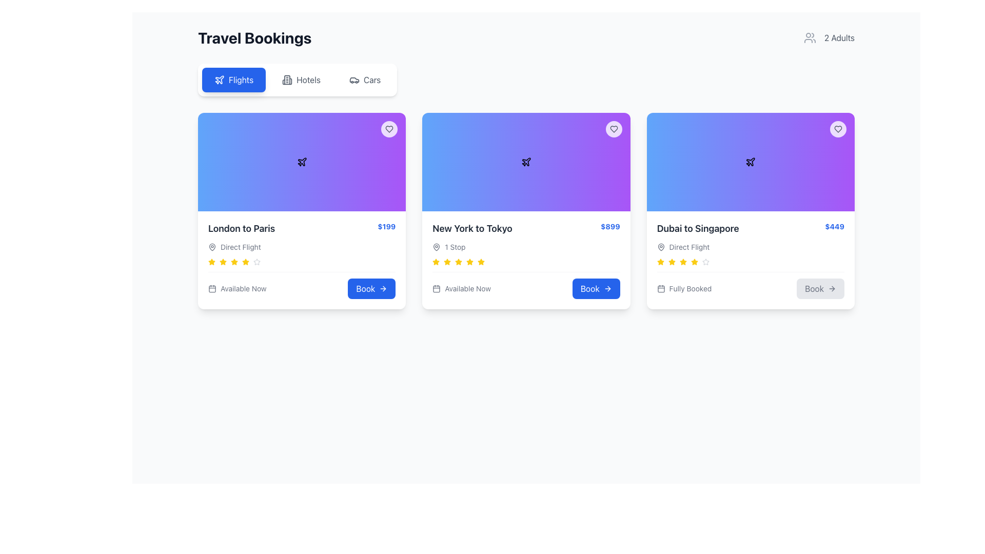 This screenshot has width=985, height=554. Describe the element at coordinates (481, 261) in the screenshot. I see `the fourth star icon in the ratings section of the 'New York to Tokyo' travel option card` at that location.